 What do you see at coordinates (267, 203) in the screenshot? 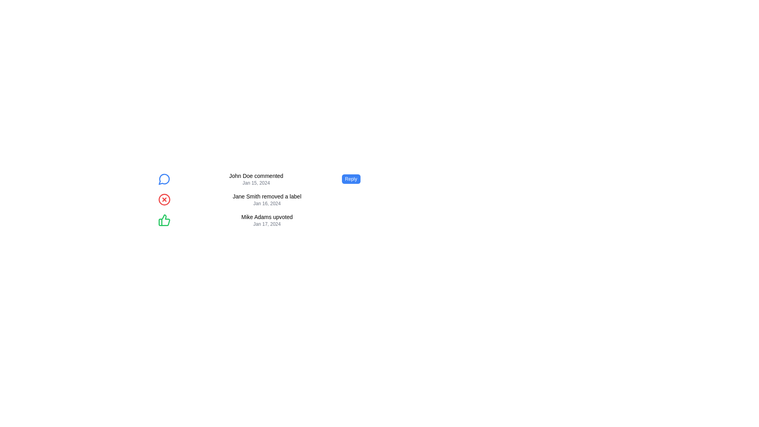
I see `the text label displaying the date associated with the action 'Jane Smith removed a label', located in the second informational group on the page` at bounding box center [267, 203].